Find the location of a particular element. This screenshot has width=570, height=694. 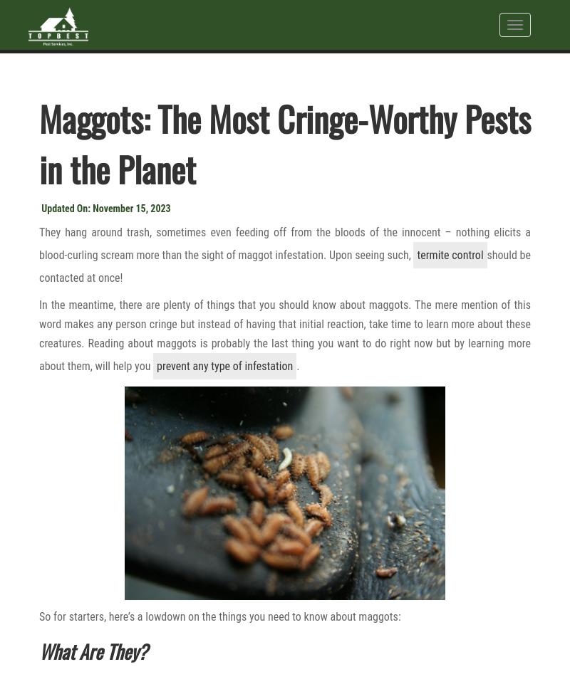

'In the meantime, there are plenty of things that you should know about maggots. The mere mention of this word makes any person cringe but instead of having that initial reaction, take time to learn more about these creatures. Reading about maggots is probably the last thing you want to do right now but by learning more about them, will help you' is located at coordinates (38, 335).